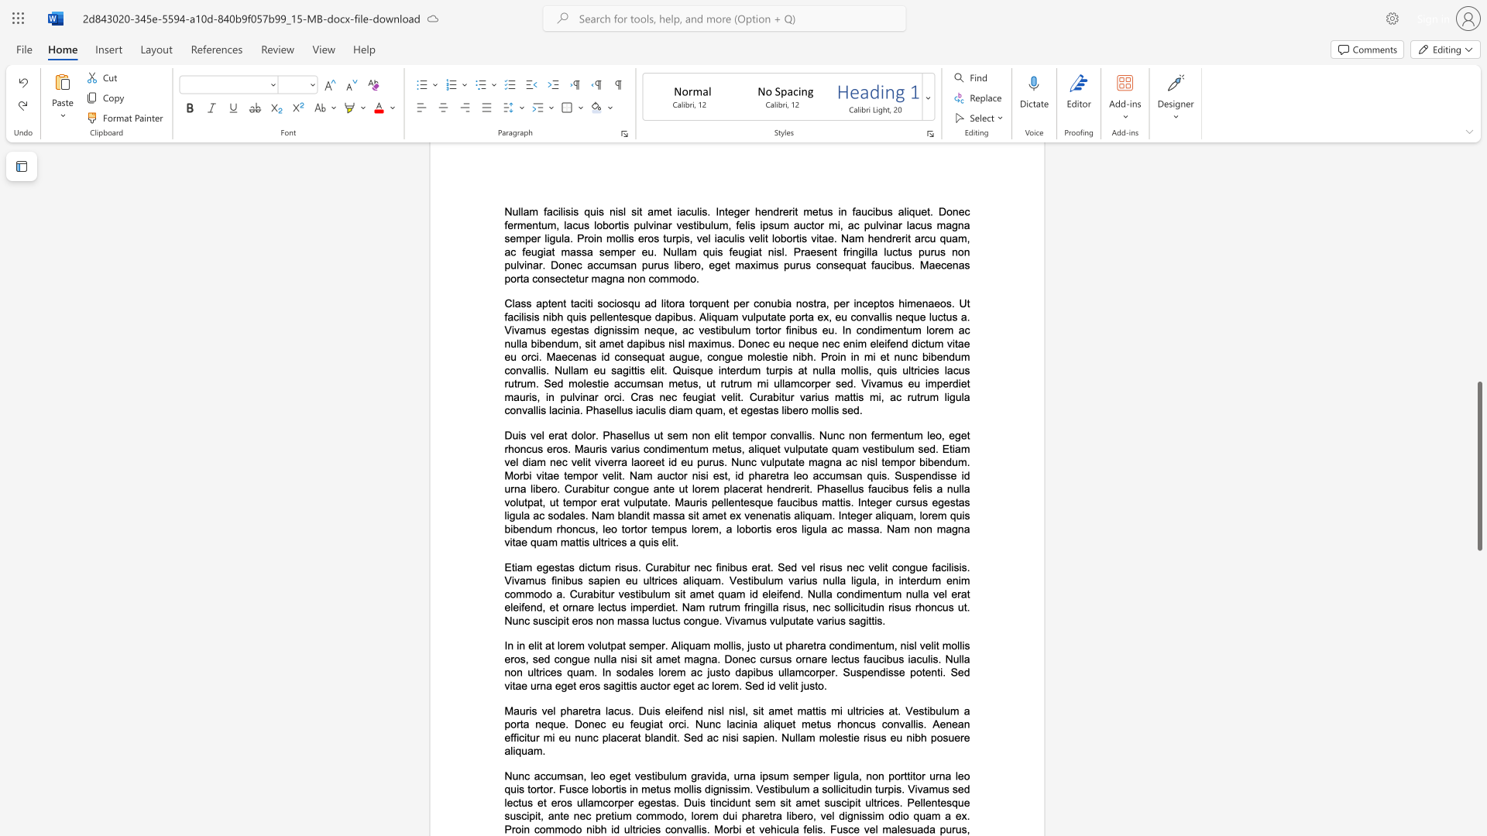 The image size is (1487, 836). Describe the element at coordinates (794, 593) in the screenshot. I see `the subset text "d. Nulla condimentum nulla vel erat eleifend, et orna" within the text "Etiam egestas dictum risus. Curabitur nec finibus erat. Sed vel risus nec velit congue facilisis. Vivamus finibus sapien eu ultrices aliquam. Vestibulum varius nulla ligula, in interdum enim commodo a. Curabitur vestibulum sit amet quam id eleifend. Nulla condimentum nulla vel erat eleifend, et ornare lectus imperdiet. Nam rutrum fringilla risus, nec sollicitudin risus rhoncus ut. Nunc suscipit eros non massa luctus congue. Vivamus vulputate varius sagittis."` at that location.